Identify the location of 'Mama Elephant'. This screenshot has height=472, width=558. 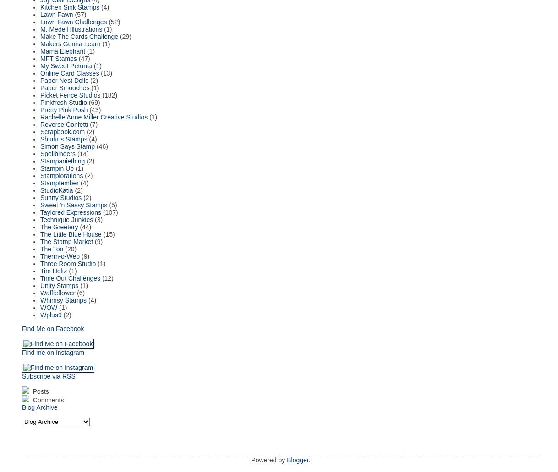
(40, 50).